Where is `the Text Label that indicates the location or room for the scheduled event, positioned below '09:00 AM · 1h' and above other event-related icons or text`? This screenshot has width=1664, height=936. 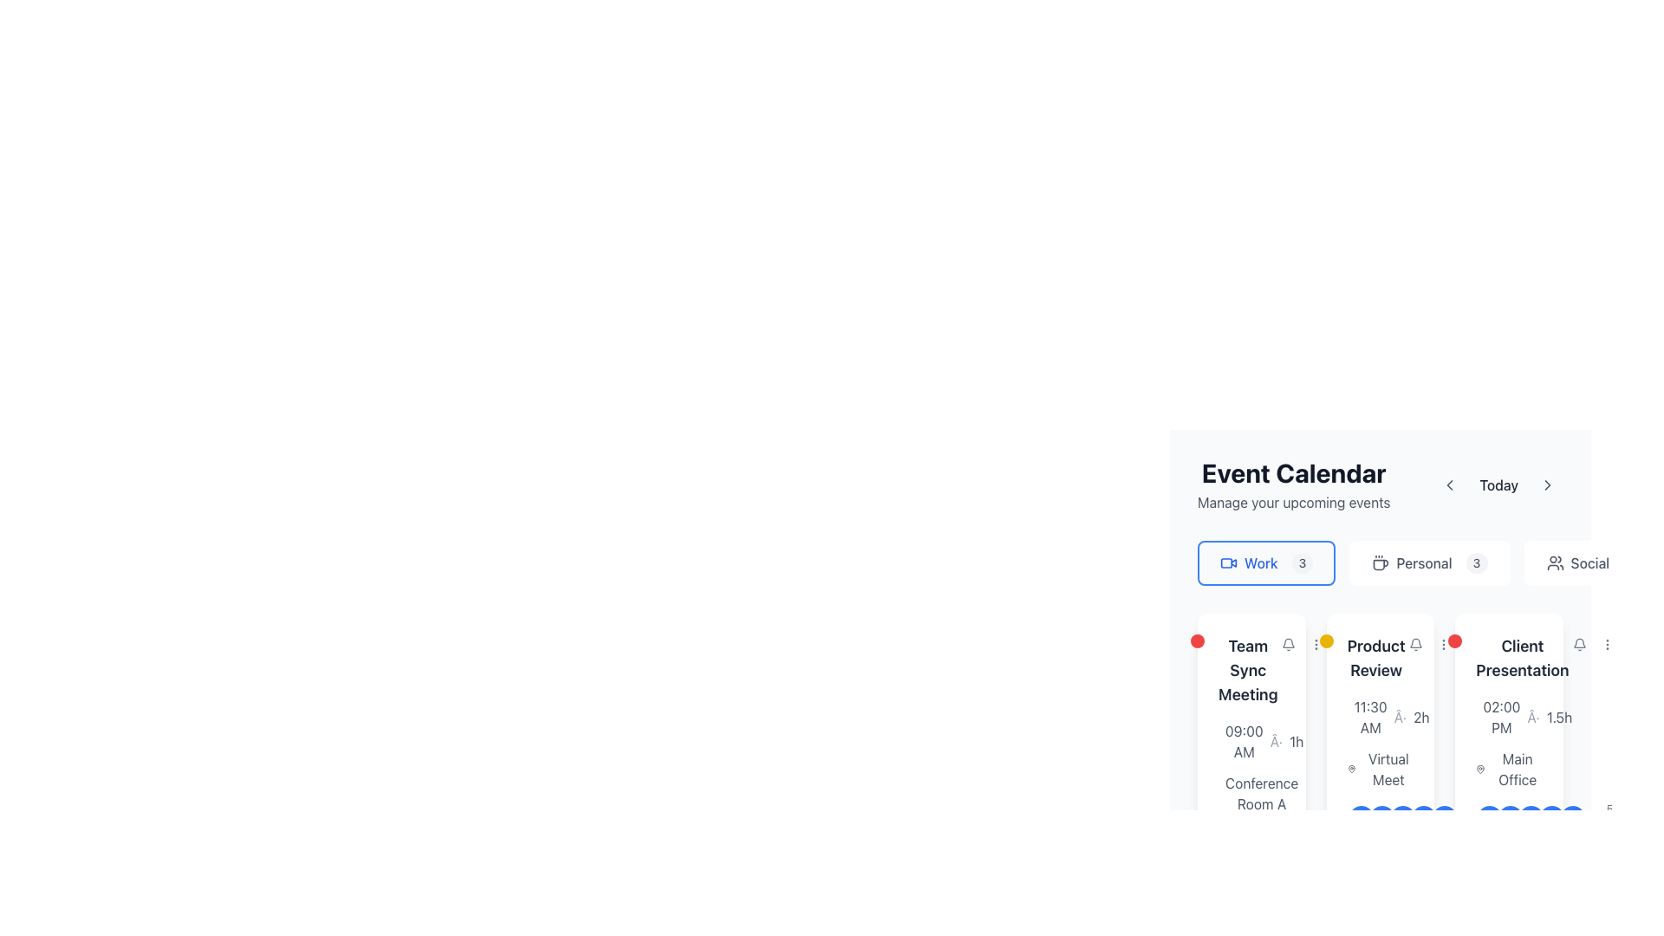 the Text Label that indicates the location or room for the scheduled event, positioned below '09:00 AM · 1h' and above other event-related icons or text is located at coordinates (1251, 793).